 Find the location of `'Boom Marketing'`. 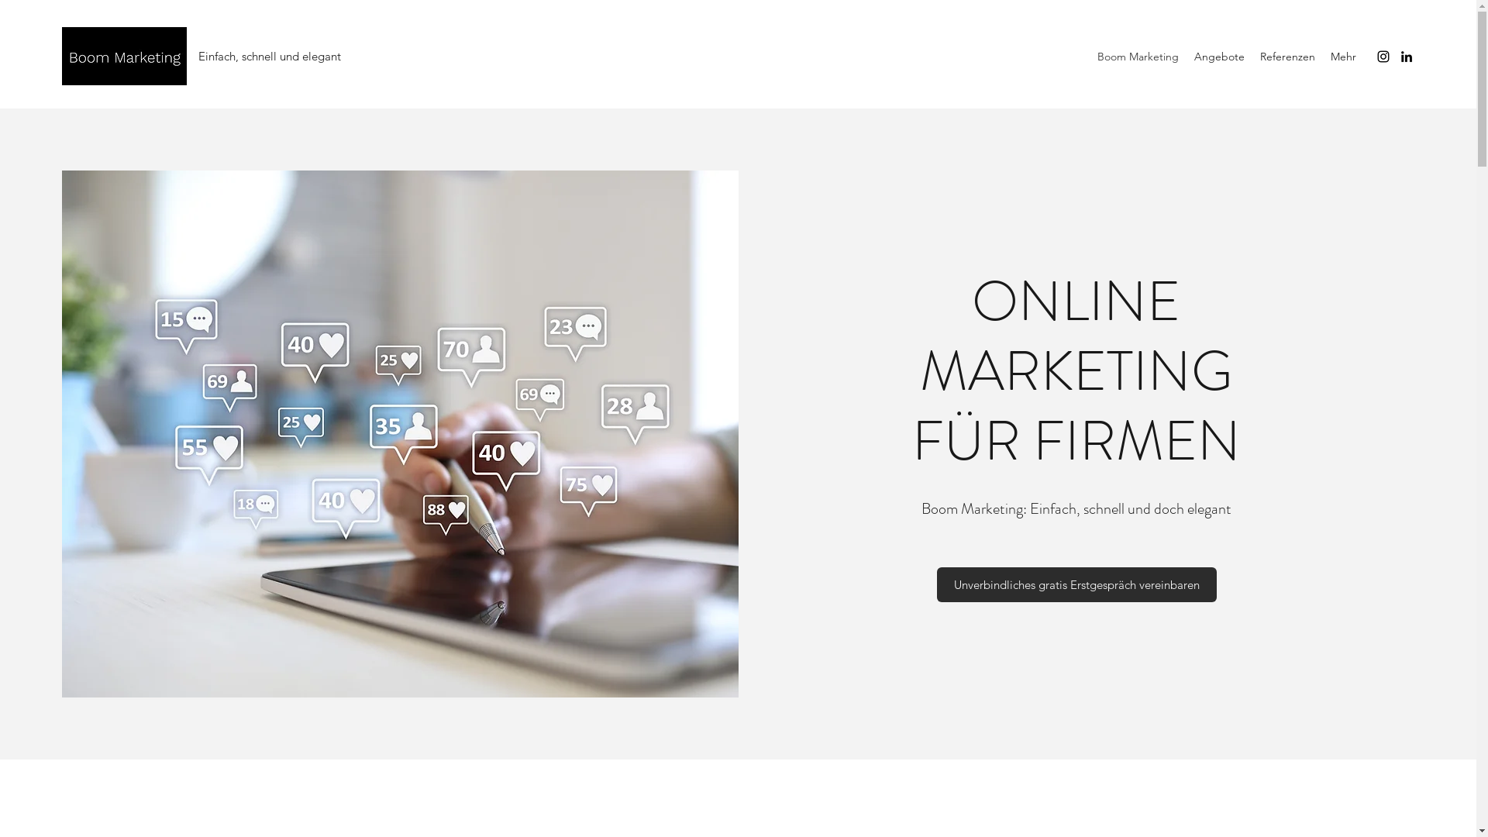

'Boom Marketing' is located at coordinates (1138, 56).